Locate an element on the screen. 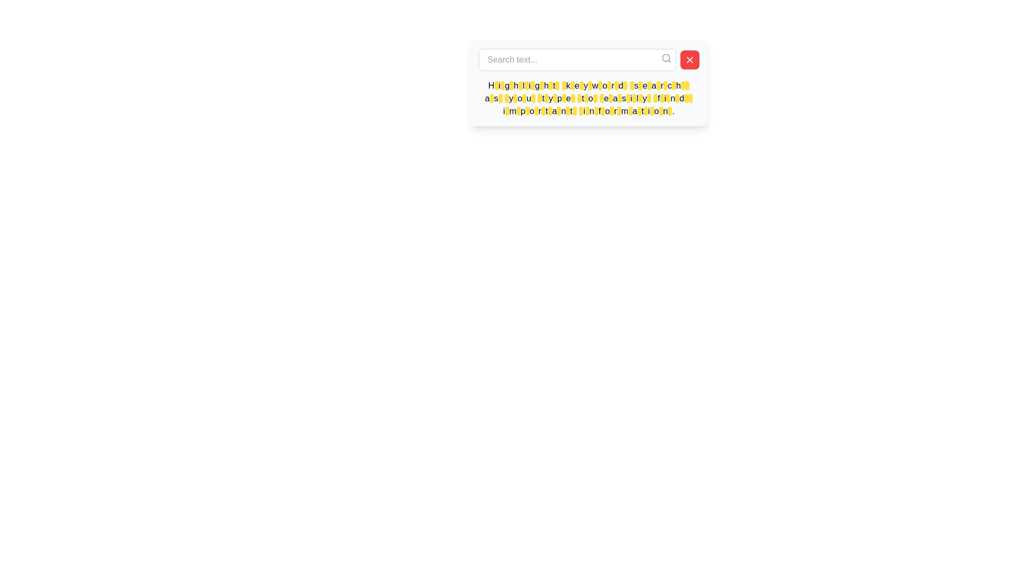  the Highlighting decorative element, a rounded rectangle with a yellow background and black border, located adjacent to the phrase 'as you' in the description text is located at coordinates (499, 98).